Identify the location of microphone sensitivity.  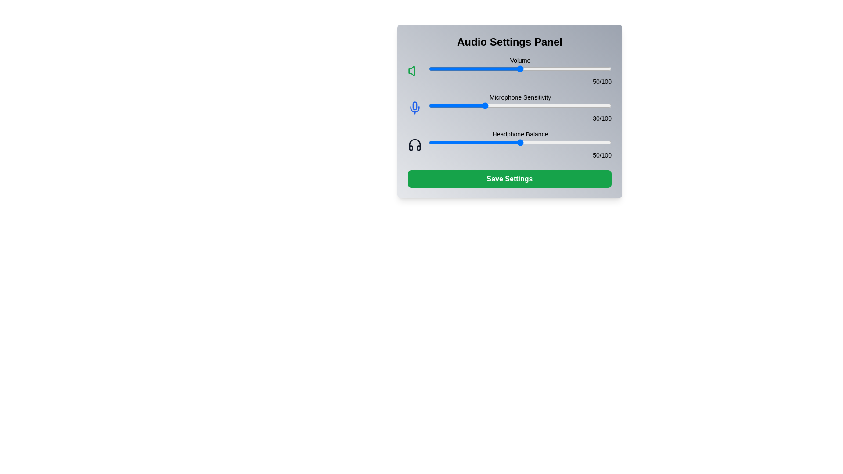
(511, 105).